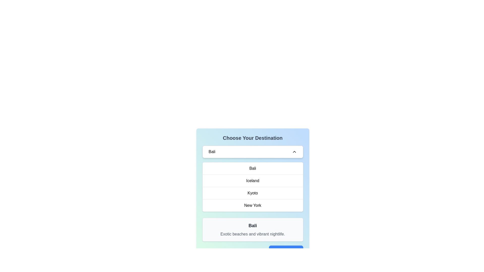 This screenshot has width=484, height=272. I want to click on the dropdown list item representing 'Iceland', which is the second option in the list below 'Bali' and above 'Kyoto', so click(253, 180).